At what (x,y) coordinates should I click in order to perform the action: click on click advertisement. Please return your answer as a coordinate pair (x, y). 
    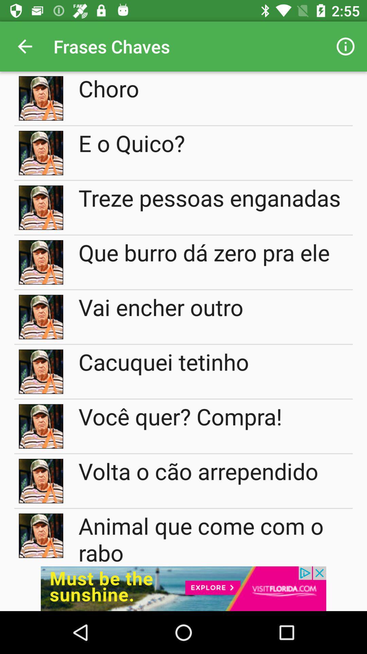
    Looking at the image, I should click on (183, 588).